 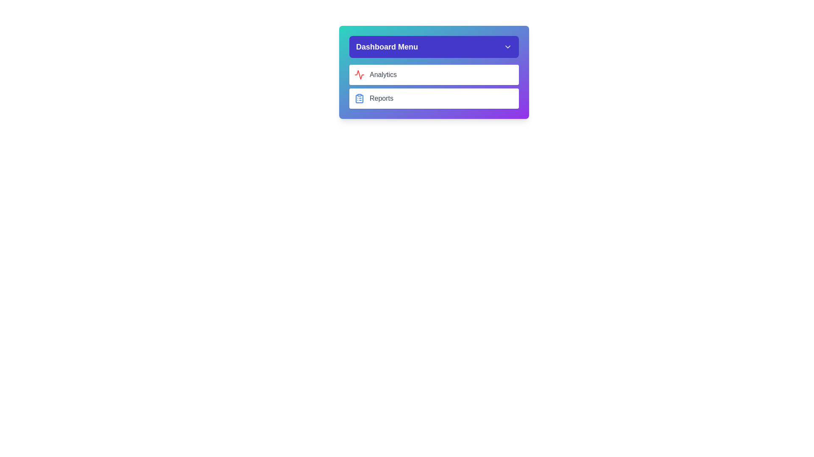 I want to click on text content of the Text label located to the right of the red waveform icon in the Dashboard Menu section, so click(x=382, y=74).